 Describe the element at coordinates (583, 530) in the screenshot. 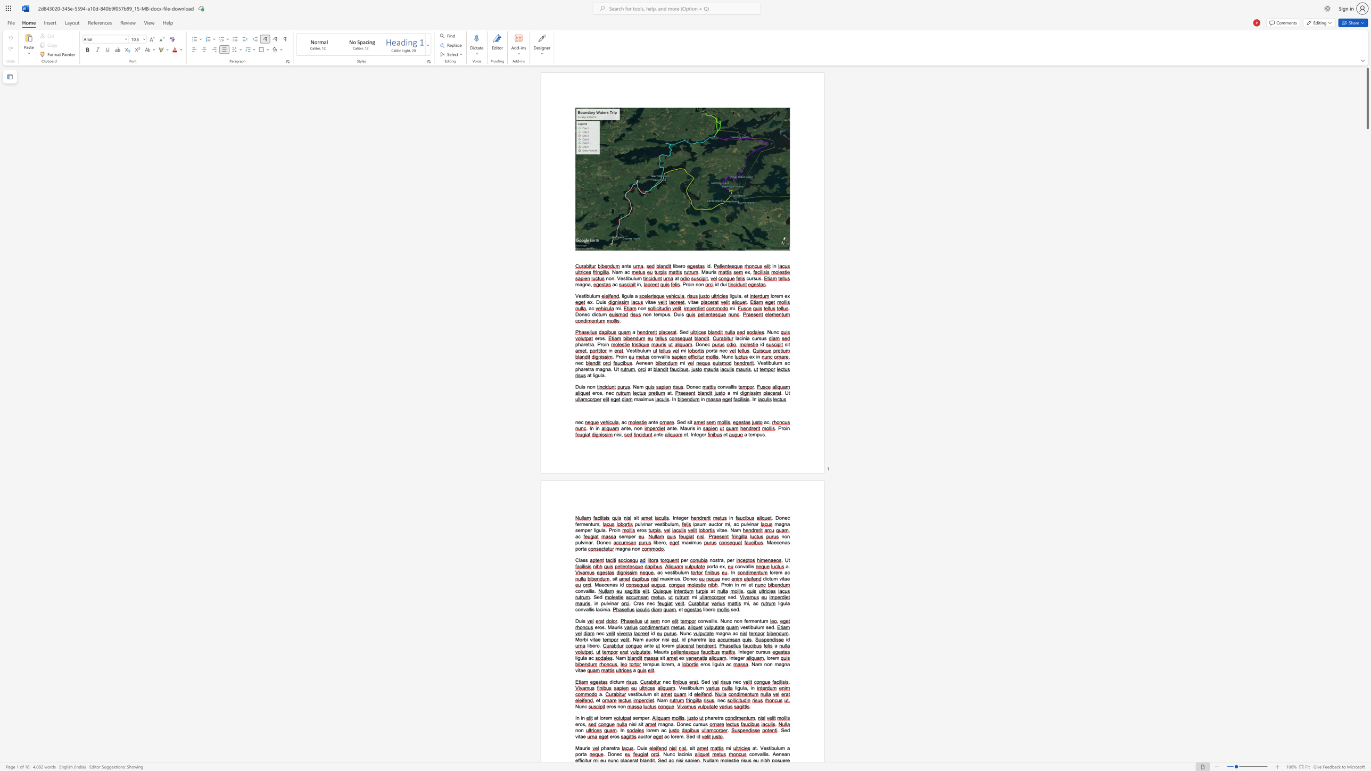

I see `the 1th character "m" in the text` at that location.